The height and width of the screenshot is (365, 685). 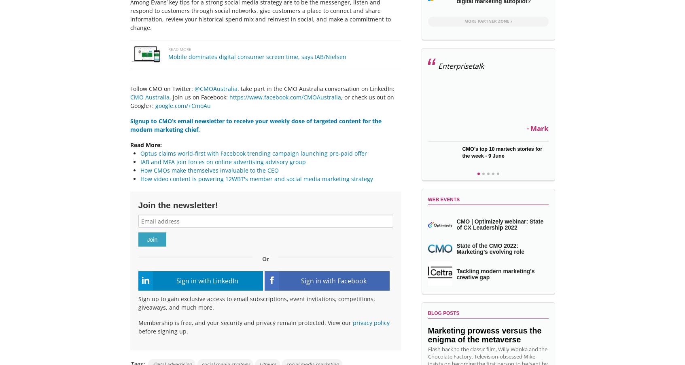 I want to click on '@CMOAustralia', so click(x=194, y=88).